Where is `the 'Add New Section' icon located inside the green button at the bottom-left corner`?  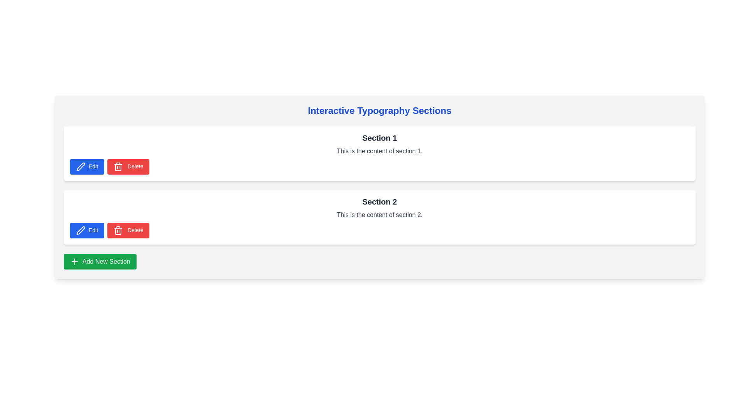 the 'Add New Section' icon located inside the green button at the bottom-left corner is located at coordinates (75, 261).